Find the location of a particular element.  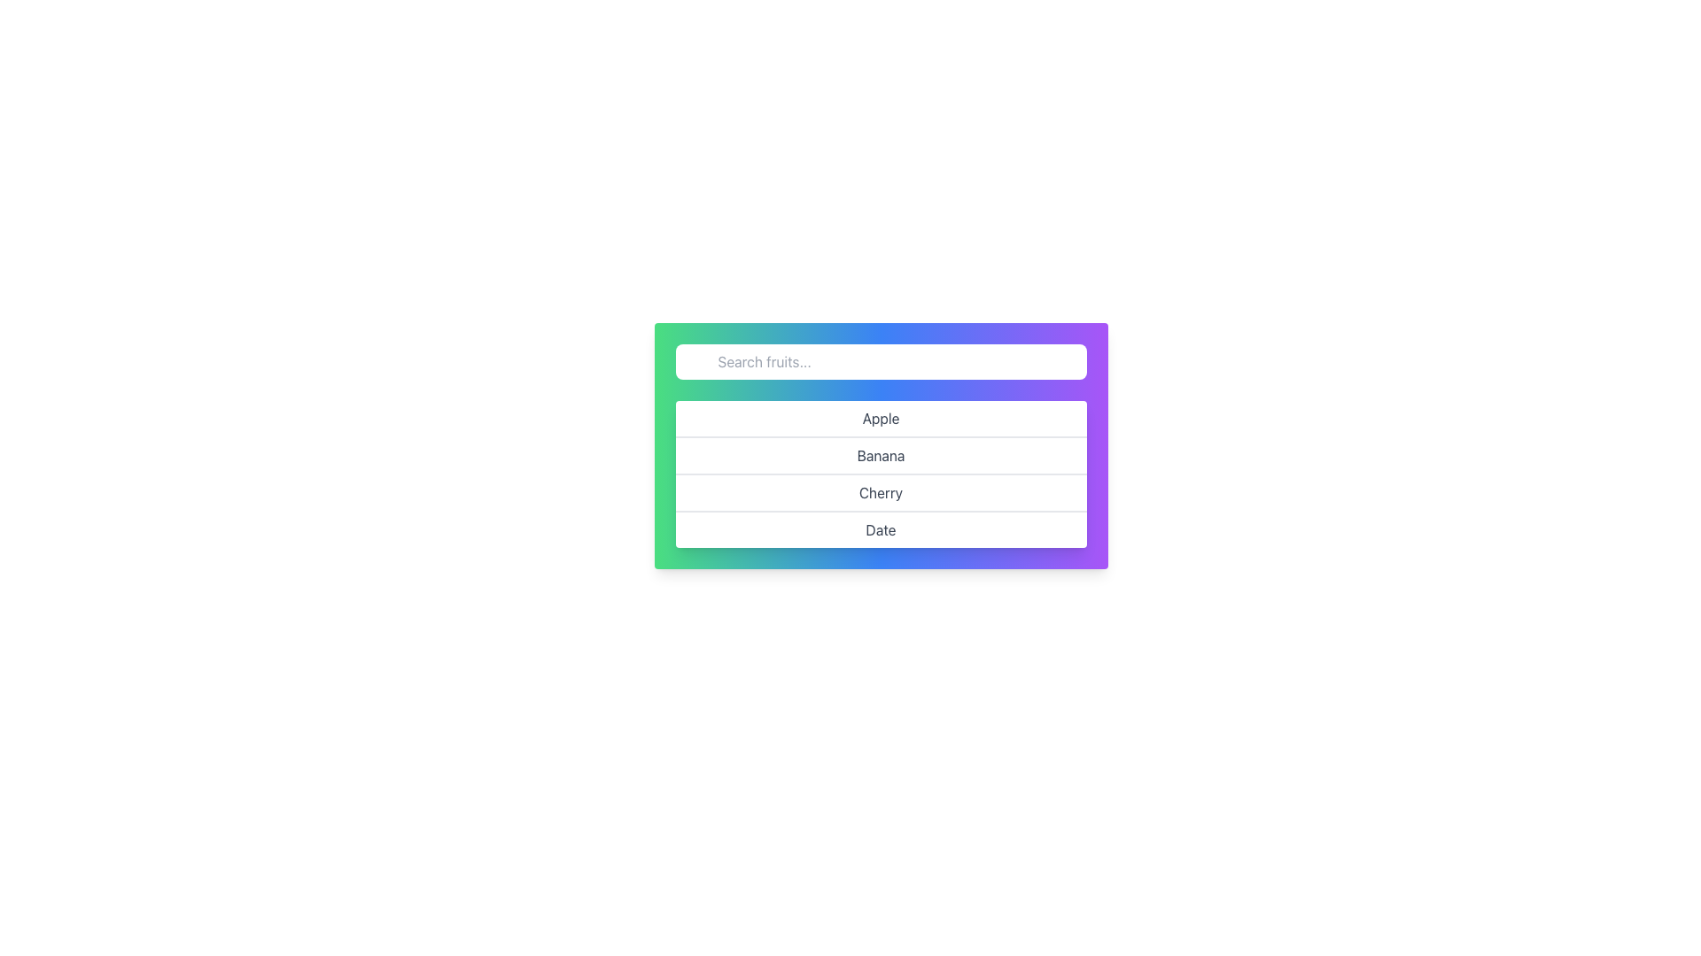

the text label displaying 'Apple' is located at coordinates (881, 419).